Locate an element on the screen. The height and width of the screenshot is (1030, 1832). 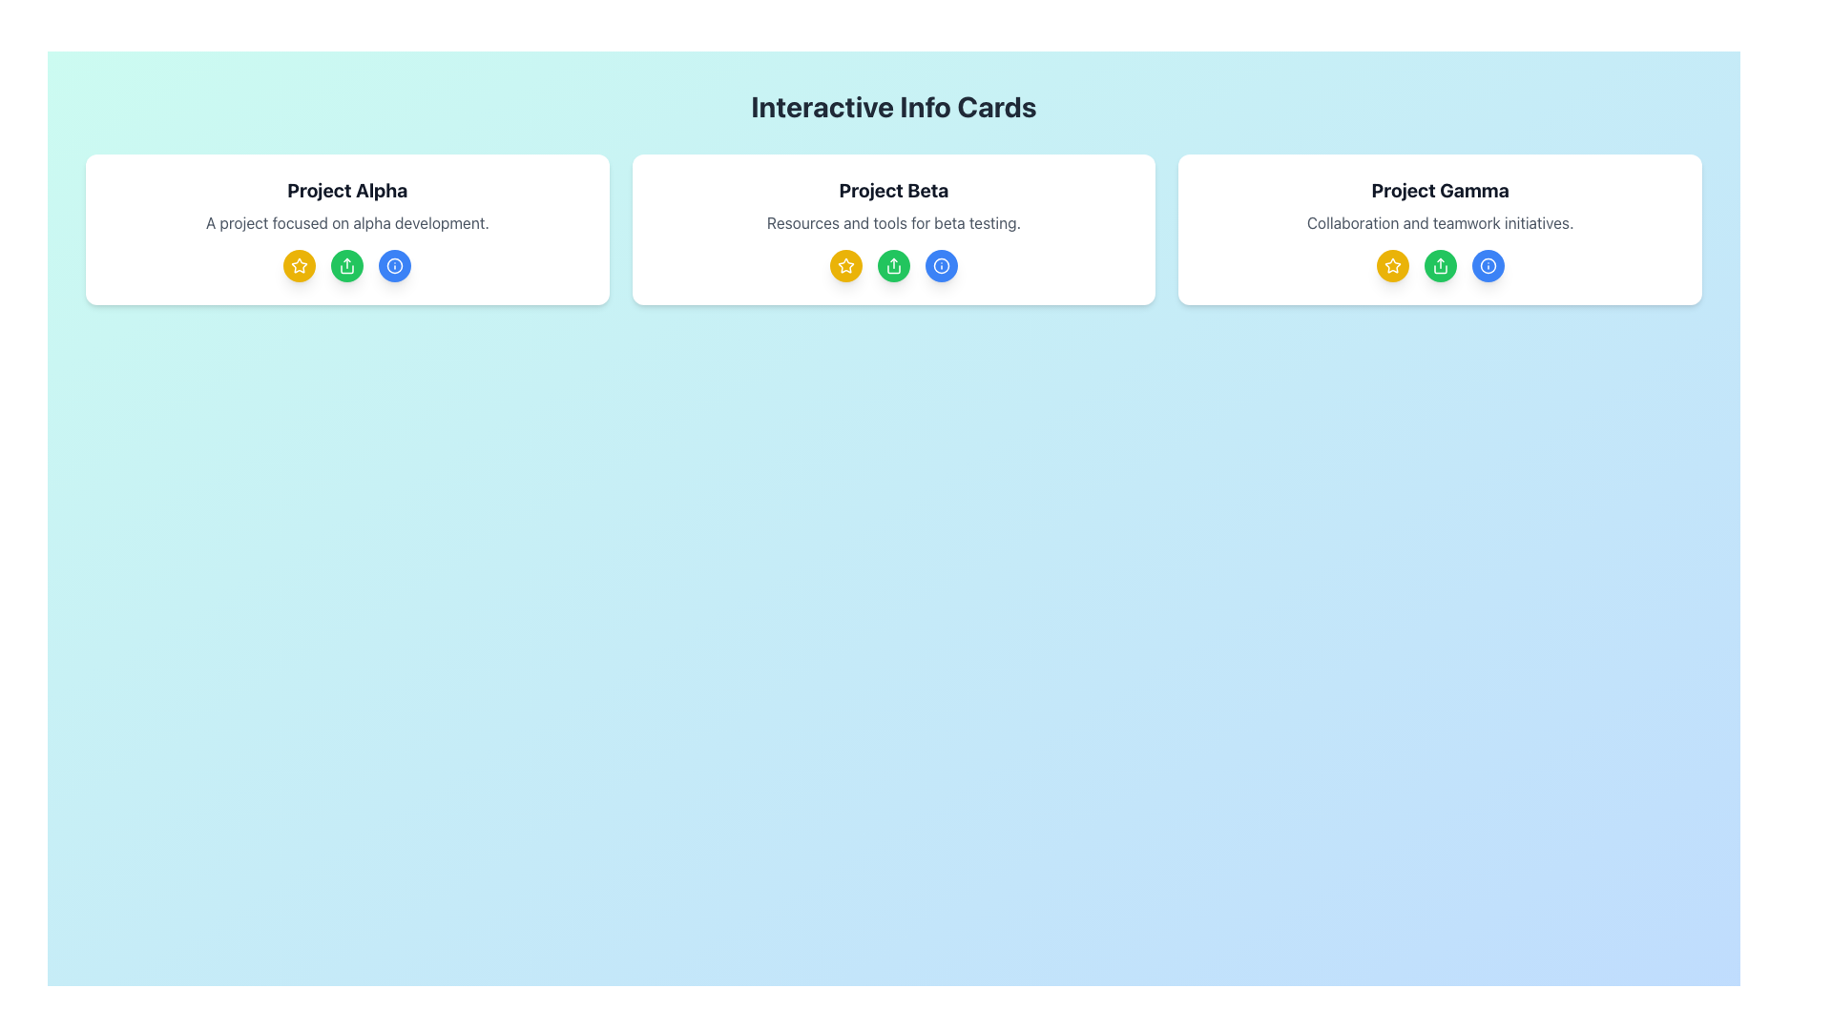
the small circular SVG icon with a blue background and white outline containing an info symbol, located in the lower right side of the Project Beta card, as the fourth icon from the left is located at coordinates (942, 265).